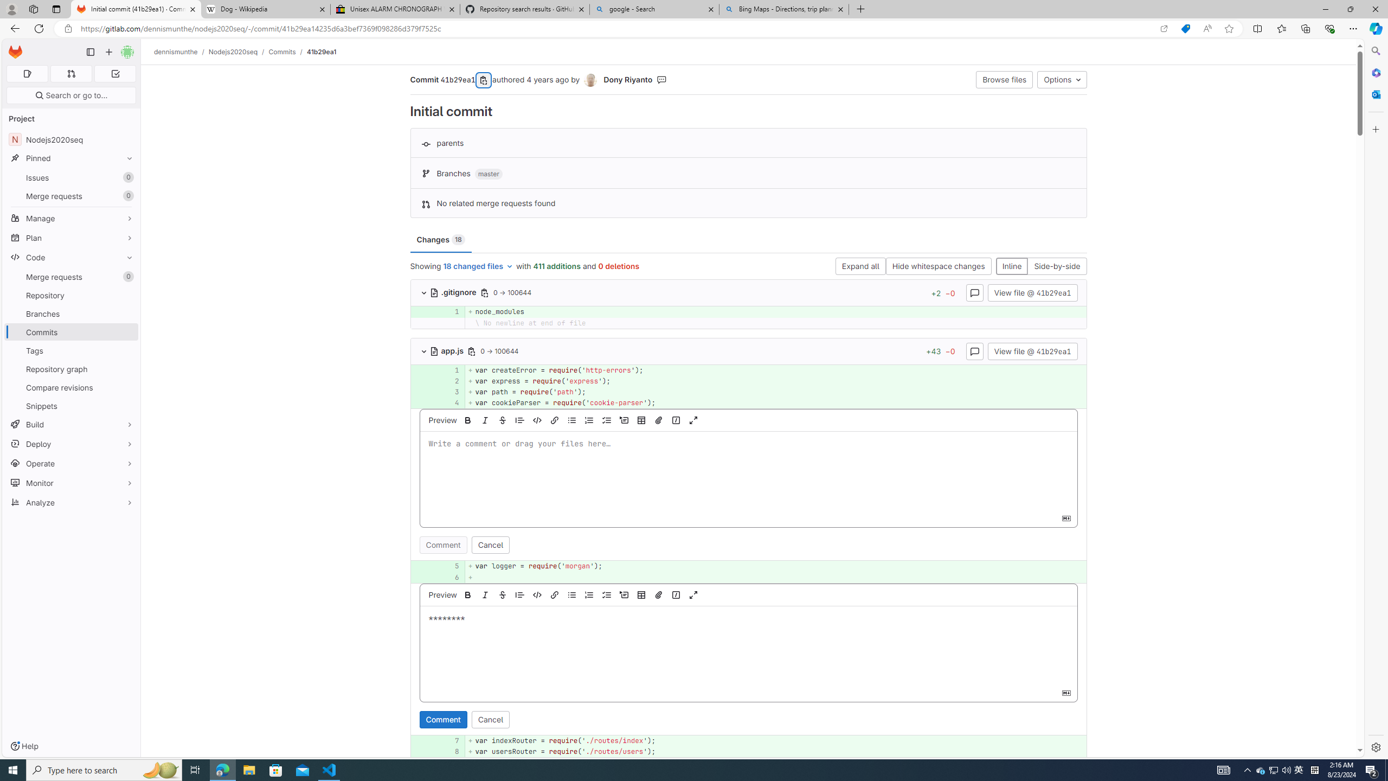 The height and width of the screenshot is (781, 1388). What do you see at coordinates (15, 52) in the screenshot?
I see `'Homepage'` at bounding box center [15, 52].